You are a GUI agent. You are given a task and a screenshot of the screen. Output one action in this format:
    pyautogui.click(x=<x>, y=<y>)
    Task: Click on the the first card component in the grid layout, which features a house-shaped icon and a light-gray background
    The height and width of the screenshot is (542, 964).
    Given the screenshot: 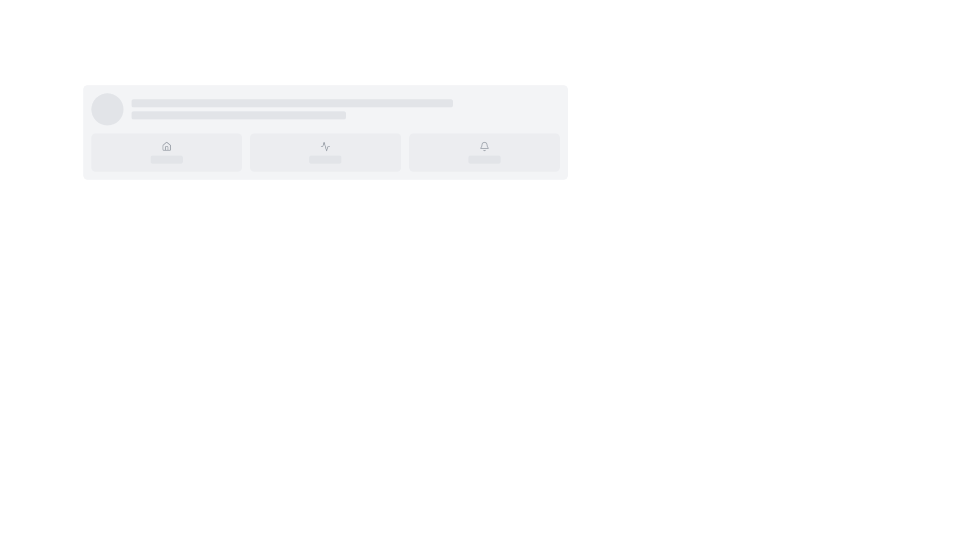 What is the action you would take?
    pyautogui.click(x=167, y=153)
    